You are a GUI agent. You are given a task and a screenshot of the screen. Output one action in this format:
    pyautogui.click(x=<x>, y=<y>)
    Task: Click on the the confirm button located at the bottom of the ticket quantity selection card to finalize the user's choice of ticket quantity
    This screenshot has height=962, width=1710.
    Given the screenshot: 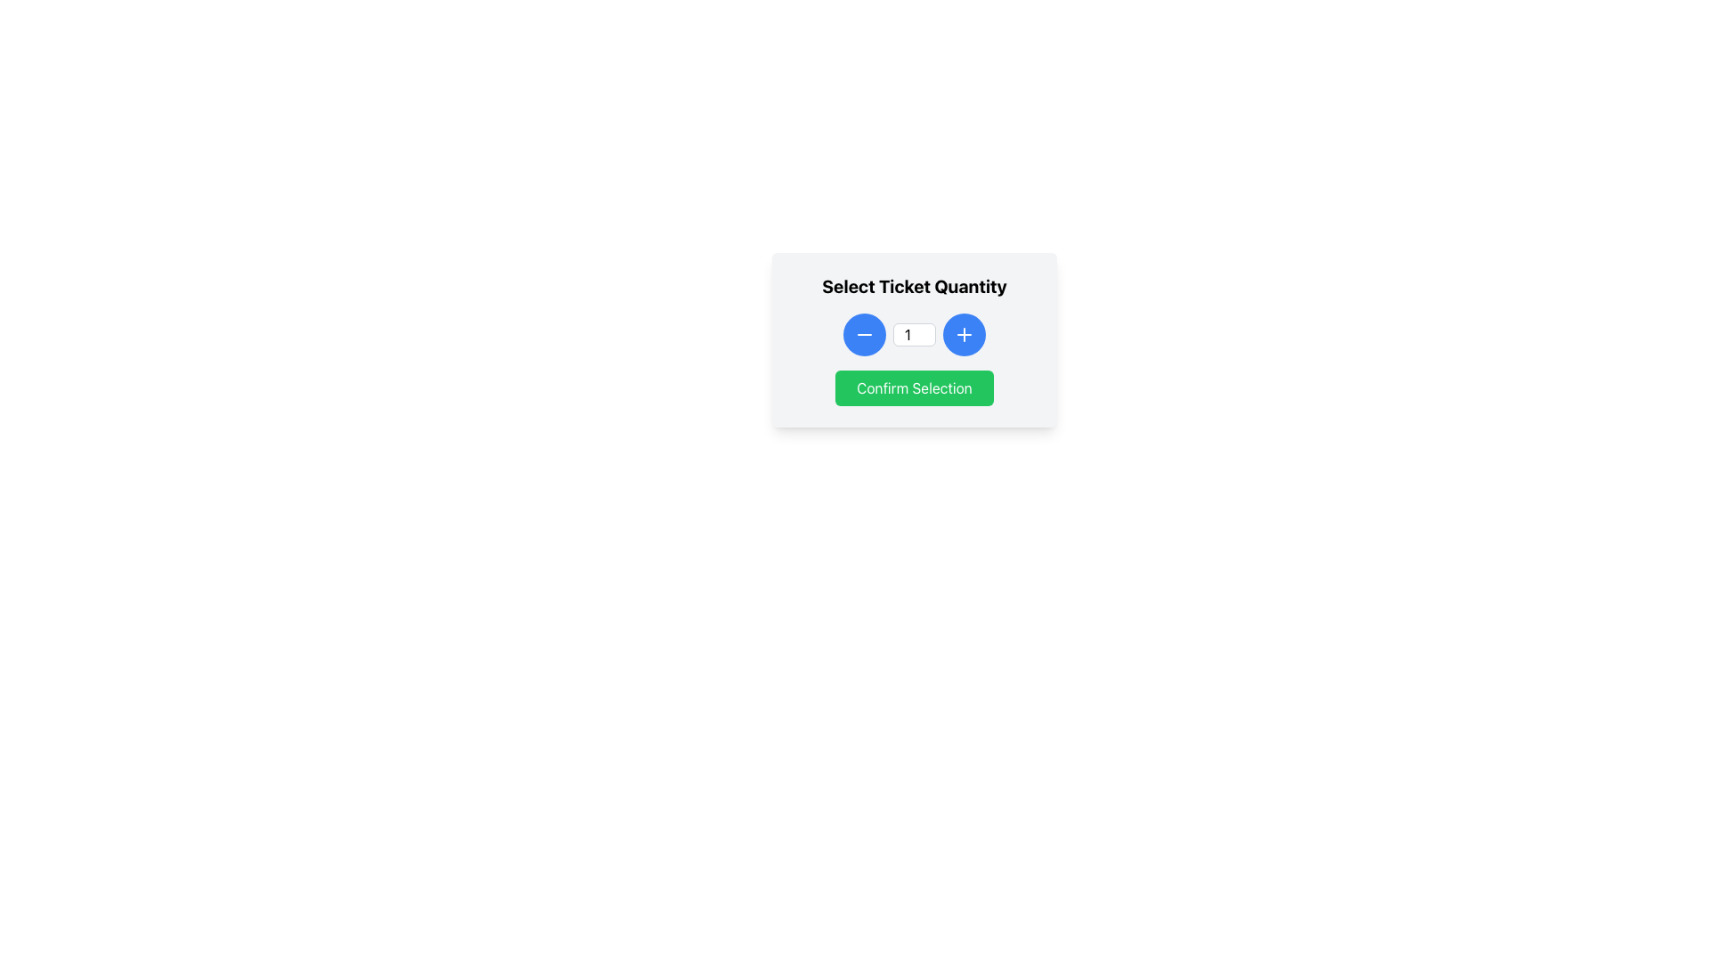 What is the action you would take?
    pyautogui.click(x=915, y=387)
    